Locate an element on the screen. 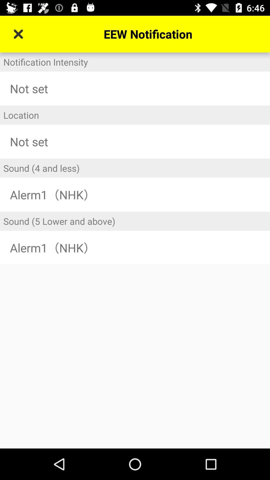  location icon is located at coordinates (135, 115).